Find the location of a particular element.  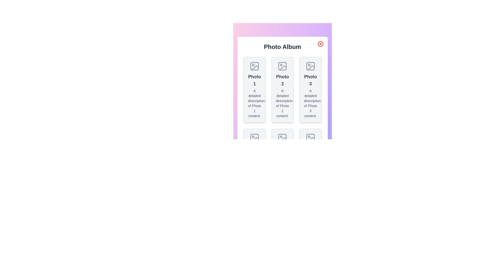

the dialog title 'Photo Album' to focus on it is located at coordinates (282, 47).